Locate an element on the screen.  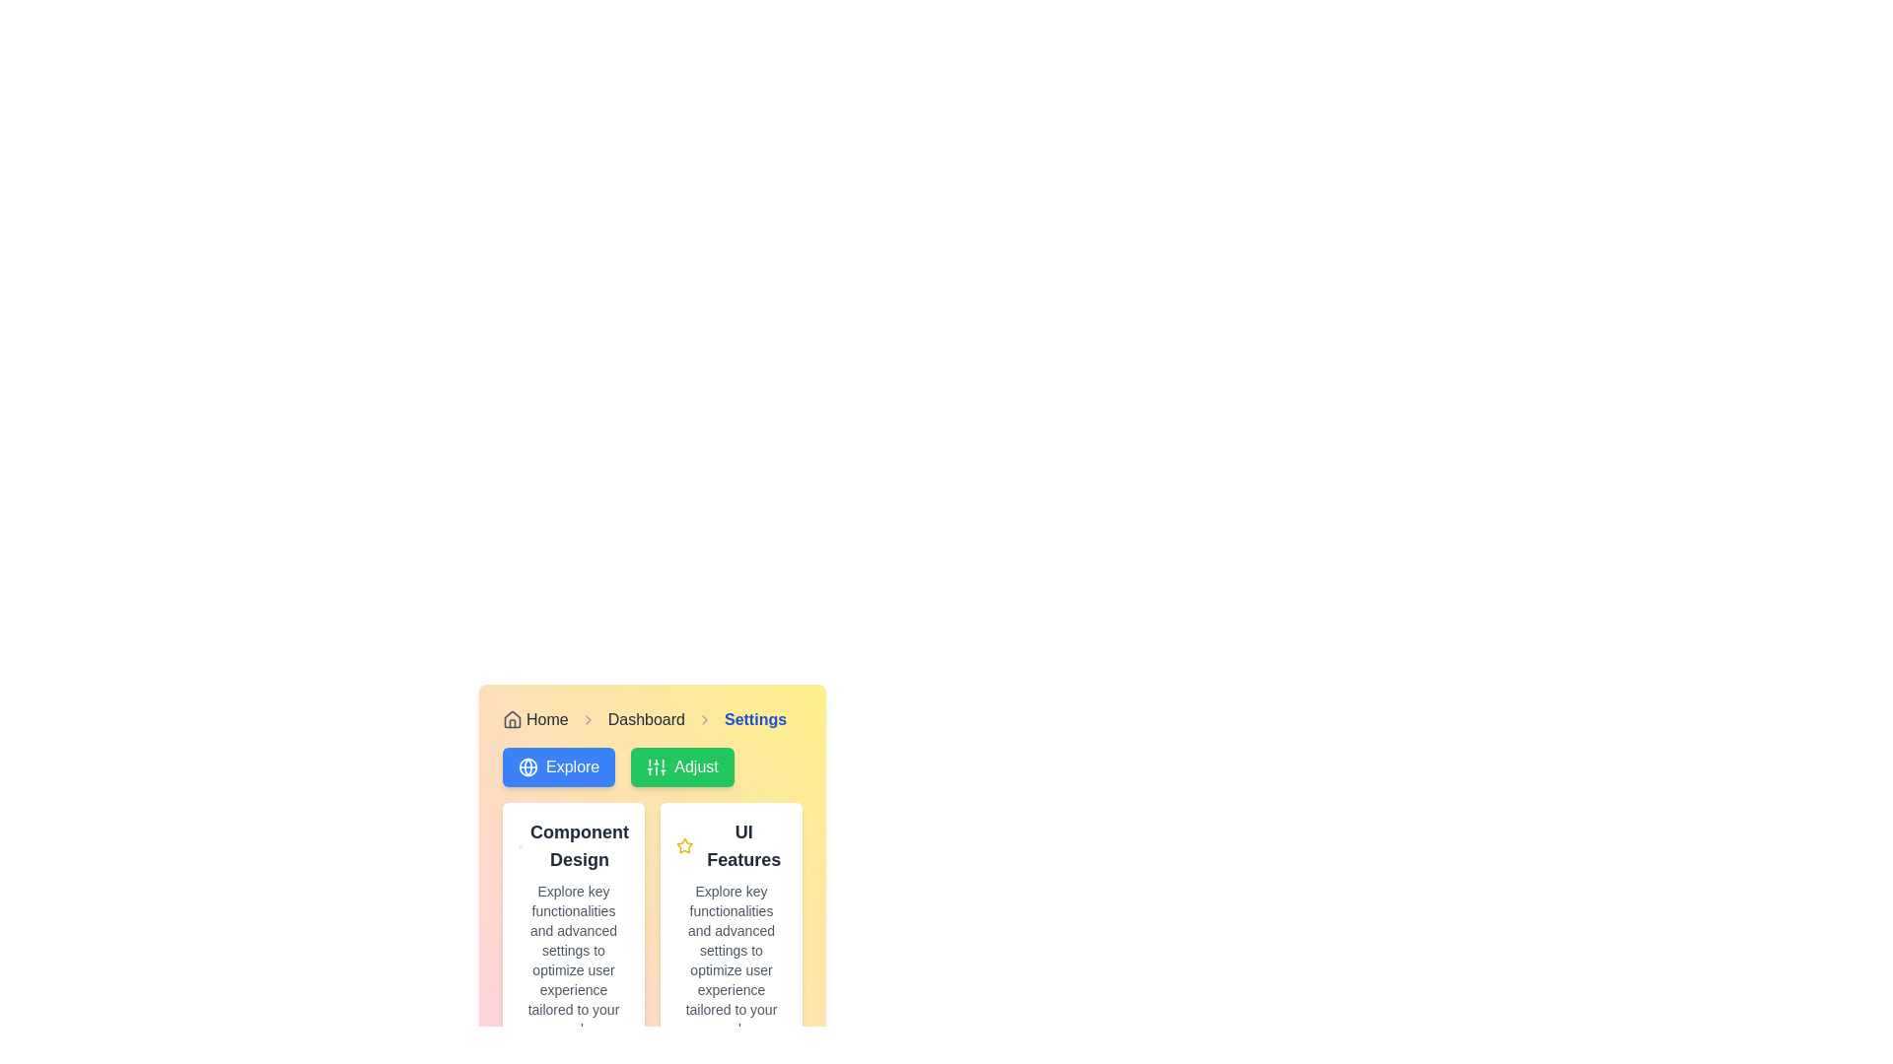
the 'Dashboard' text link in the breadcrumb navigation is located at coordinates (646, 720).